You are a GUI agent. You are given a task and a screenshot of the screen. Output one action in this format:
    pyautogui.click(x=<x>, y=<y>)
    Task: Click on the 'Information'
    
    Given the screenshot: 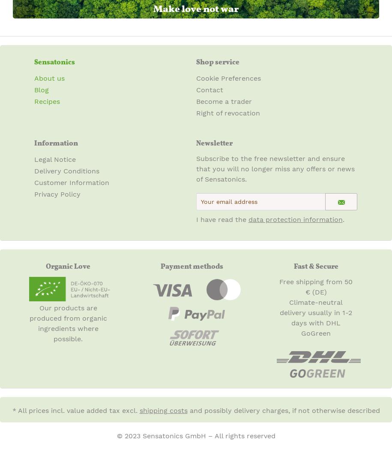 What is the action you would take?
    pyautogui.click(x=56, y=143)
    